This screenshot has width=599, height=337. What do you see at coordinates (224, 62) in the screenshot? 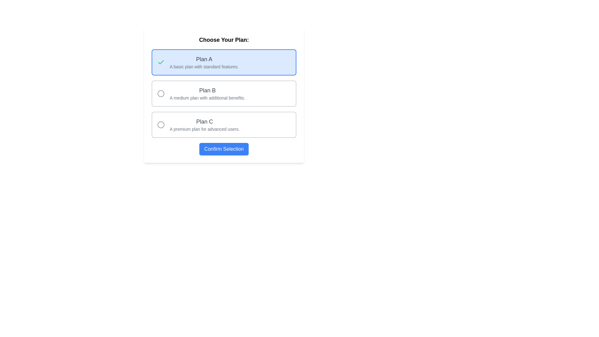
I see `the 'Plan A' option card` at bounding box center [224, 62].